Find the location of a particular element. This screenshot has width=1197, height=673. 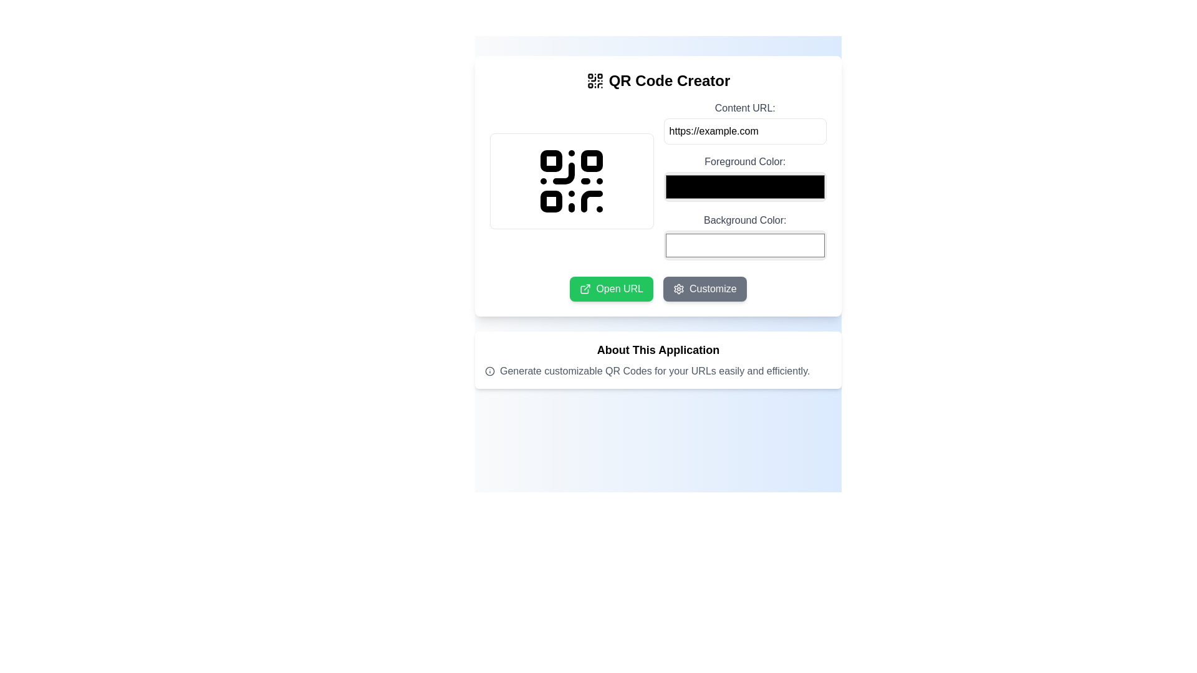

the Text Label that indicates the background color setting, located in the center-right area of the interface is located at coordinates (745, 219).